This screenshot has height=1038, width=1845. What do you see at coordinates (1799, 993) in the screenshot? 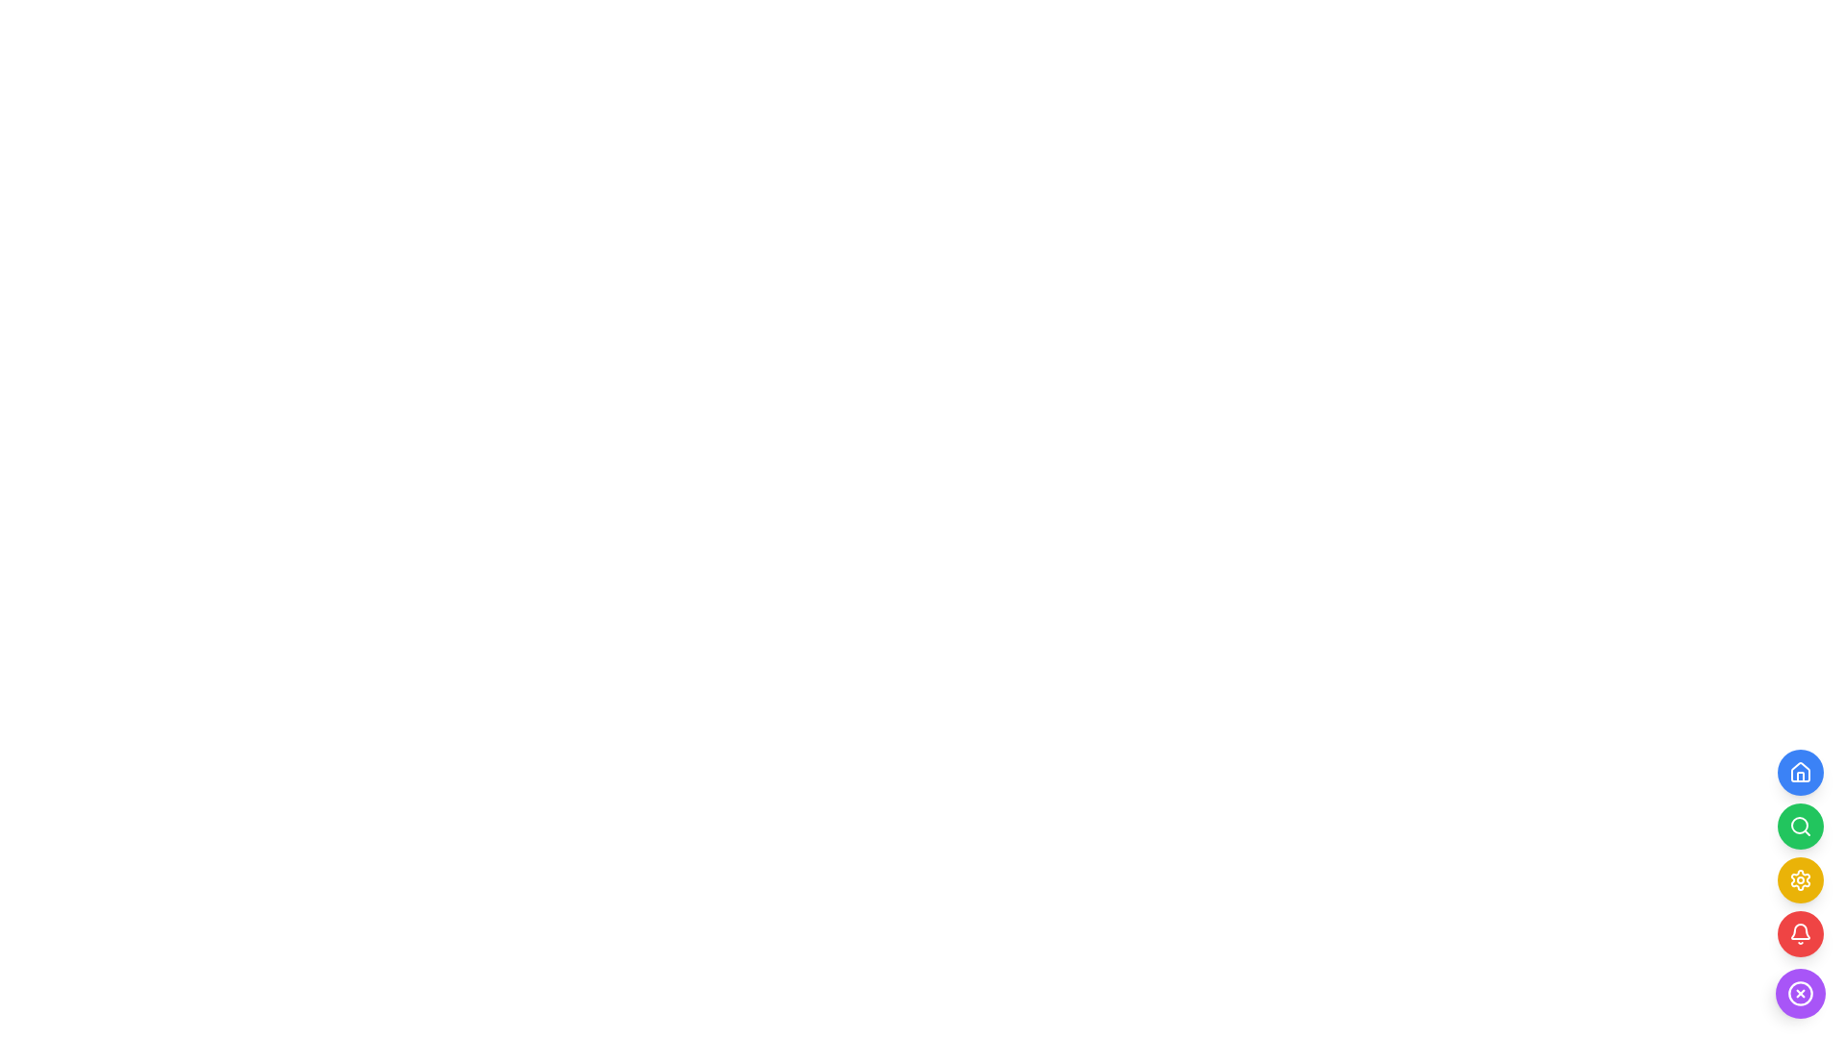
I see `the circular button located at the bottom of the vertical stack of circular buttons on the right edge of the interface` at bounding box center [1799, 993].